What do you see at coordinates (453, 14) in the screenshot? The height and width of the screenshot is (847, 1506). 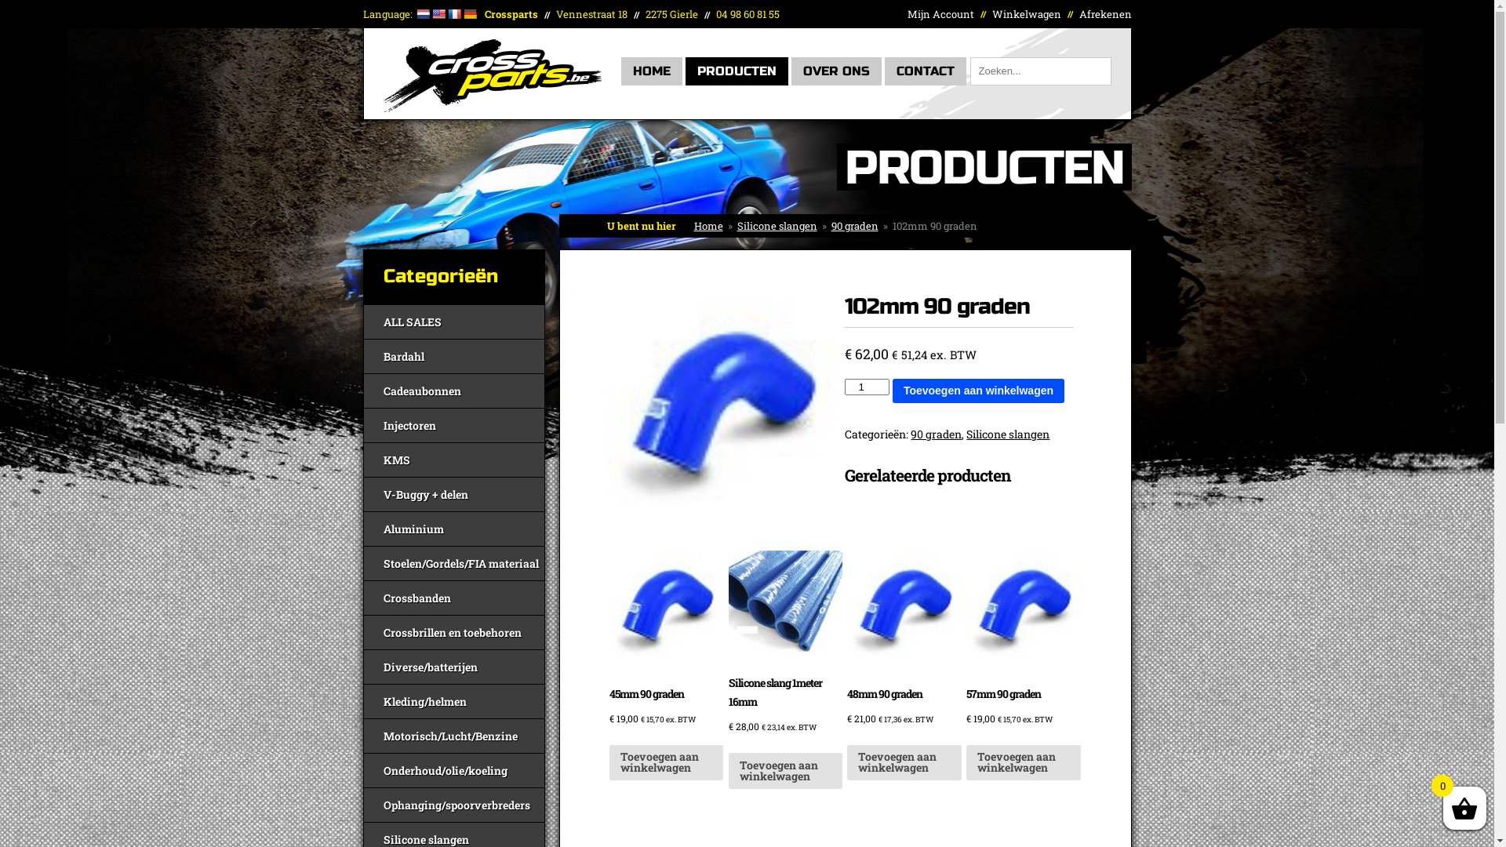 I see `'French'` at bounding box center [453, 14].